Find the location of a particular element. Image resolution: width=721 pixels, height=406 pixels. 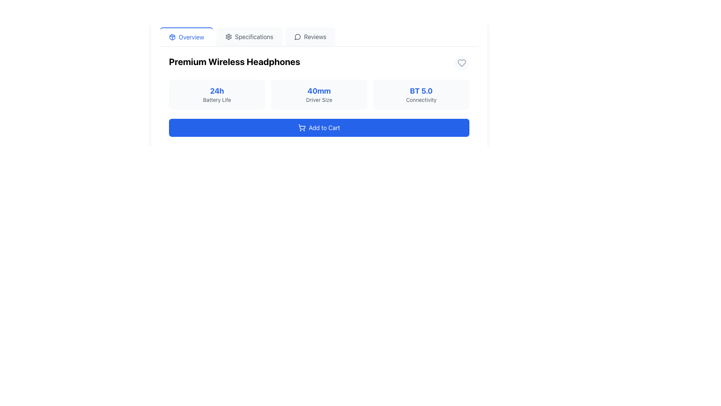

the text label that serves as a title or heading for the product, located near the top left of the interface, adjacent to a heart-shaped button is located at coordinates (234, 61).